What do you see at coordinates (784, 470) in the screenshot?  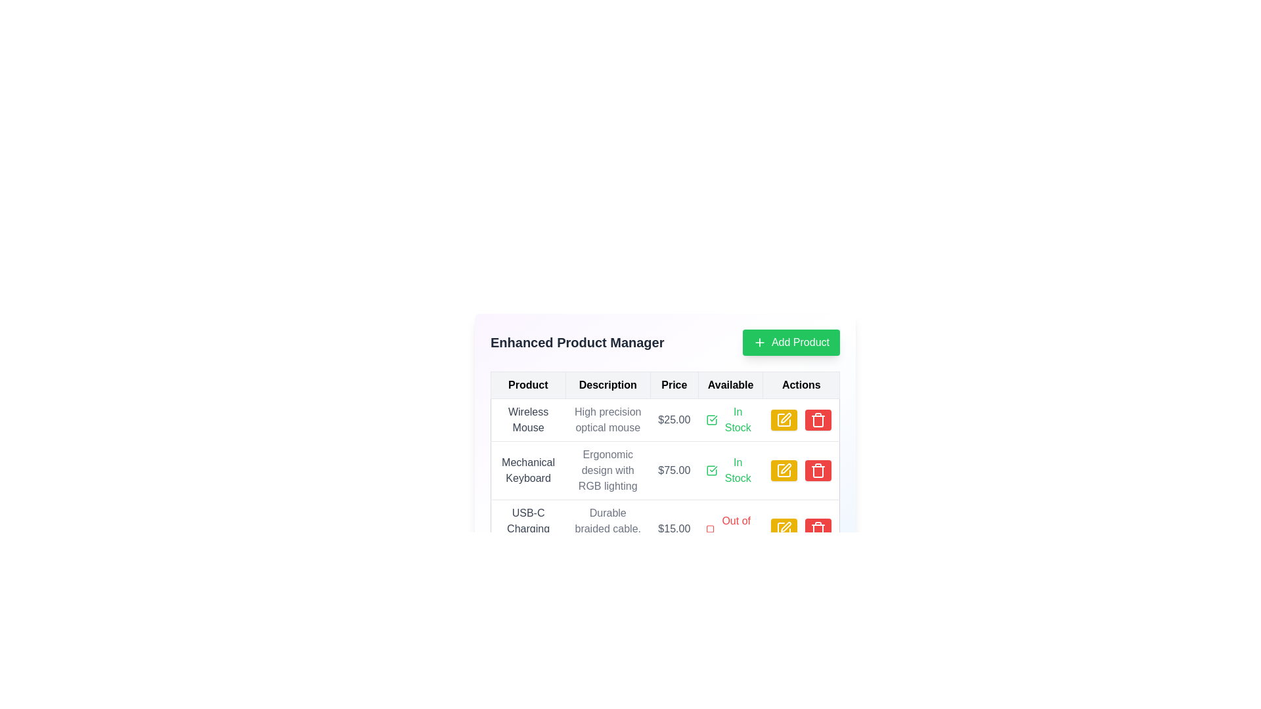 I see `the square yellow button with rounded corners and a white pen icon located in the 'Actions' column of the second row ('Mechanical Keyboard')` at bounding box center [784, 470].